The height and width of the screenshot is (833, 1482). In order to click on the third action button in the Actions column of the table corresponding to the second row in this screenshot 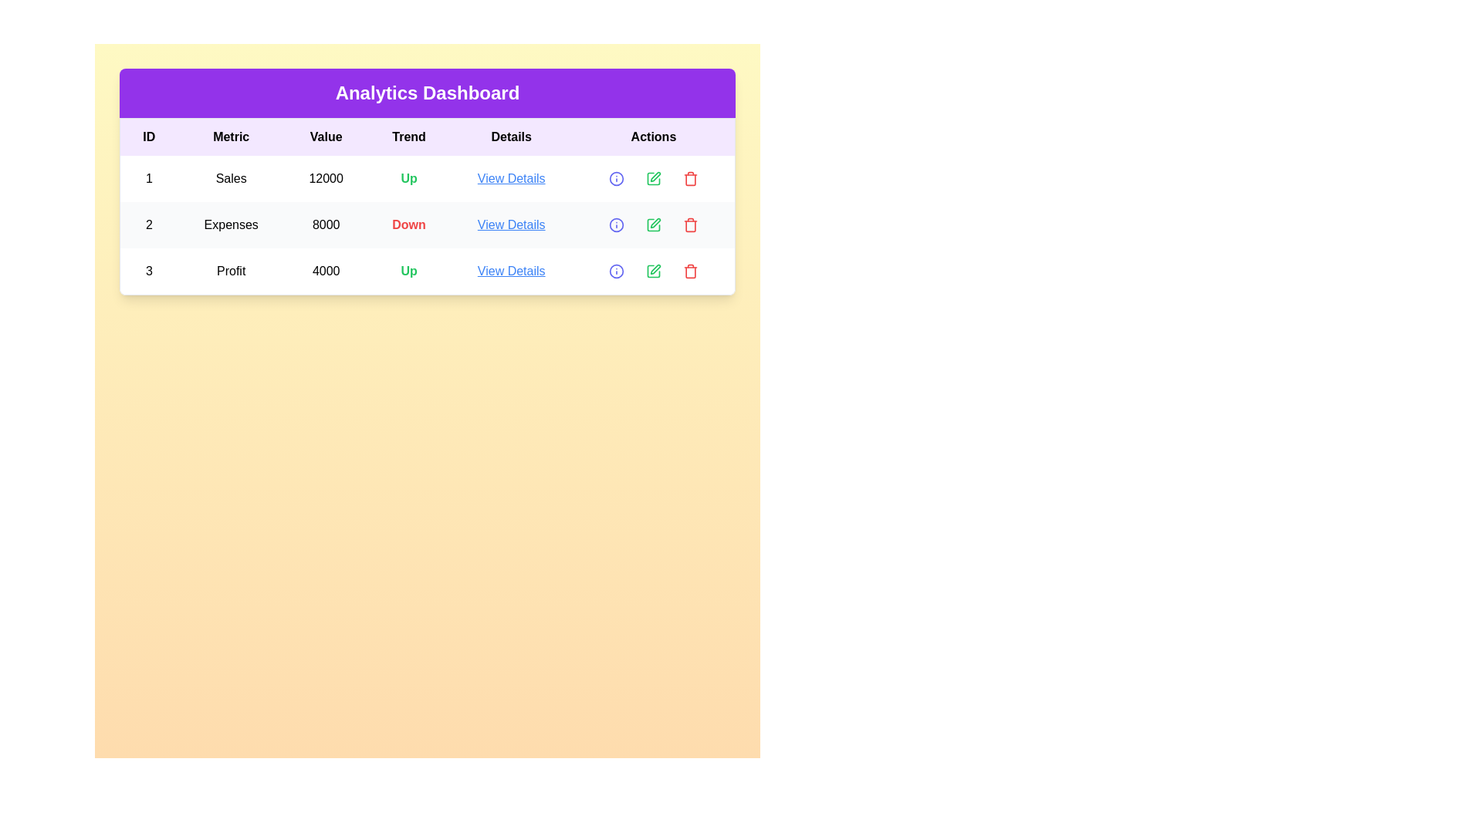, I will do `click(689, 225)`.